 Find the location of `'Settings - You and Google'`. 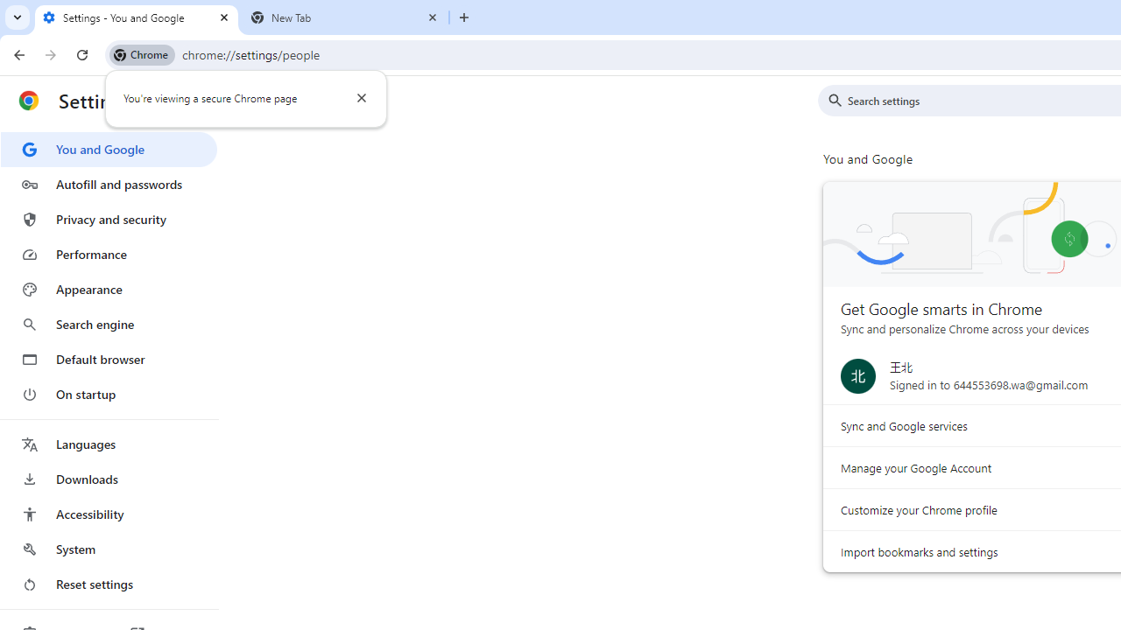

'Settings - You and Google' is located at coordinates (136, 17).